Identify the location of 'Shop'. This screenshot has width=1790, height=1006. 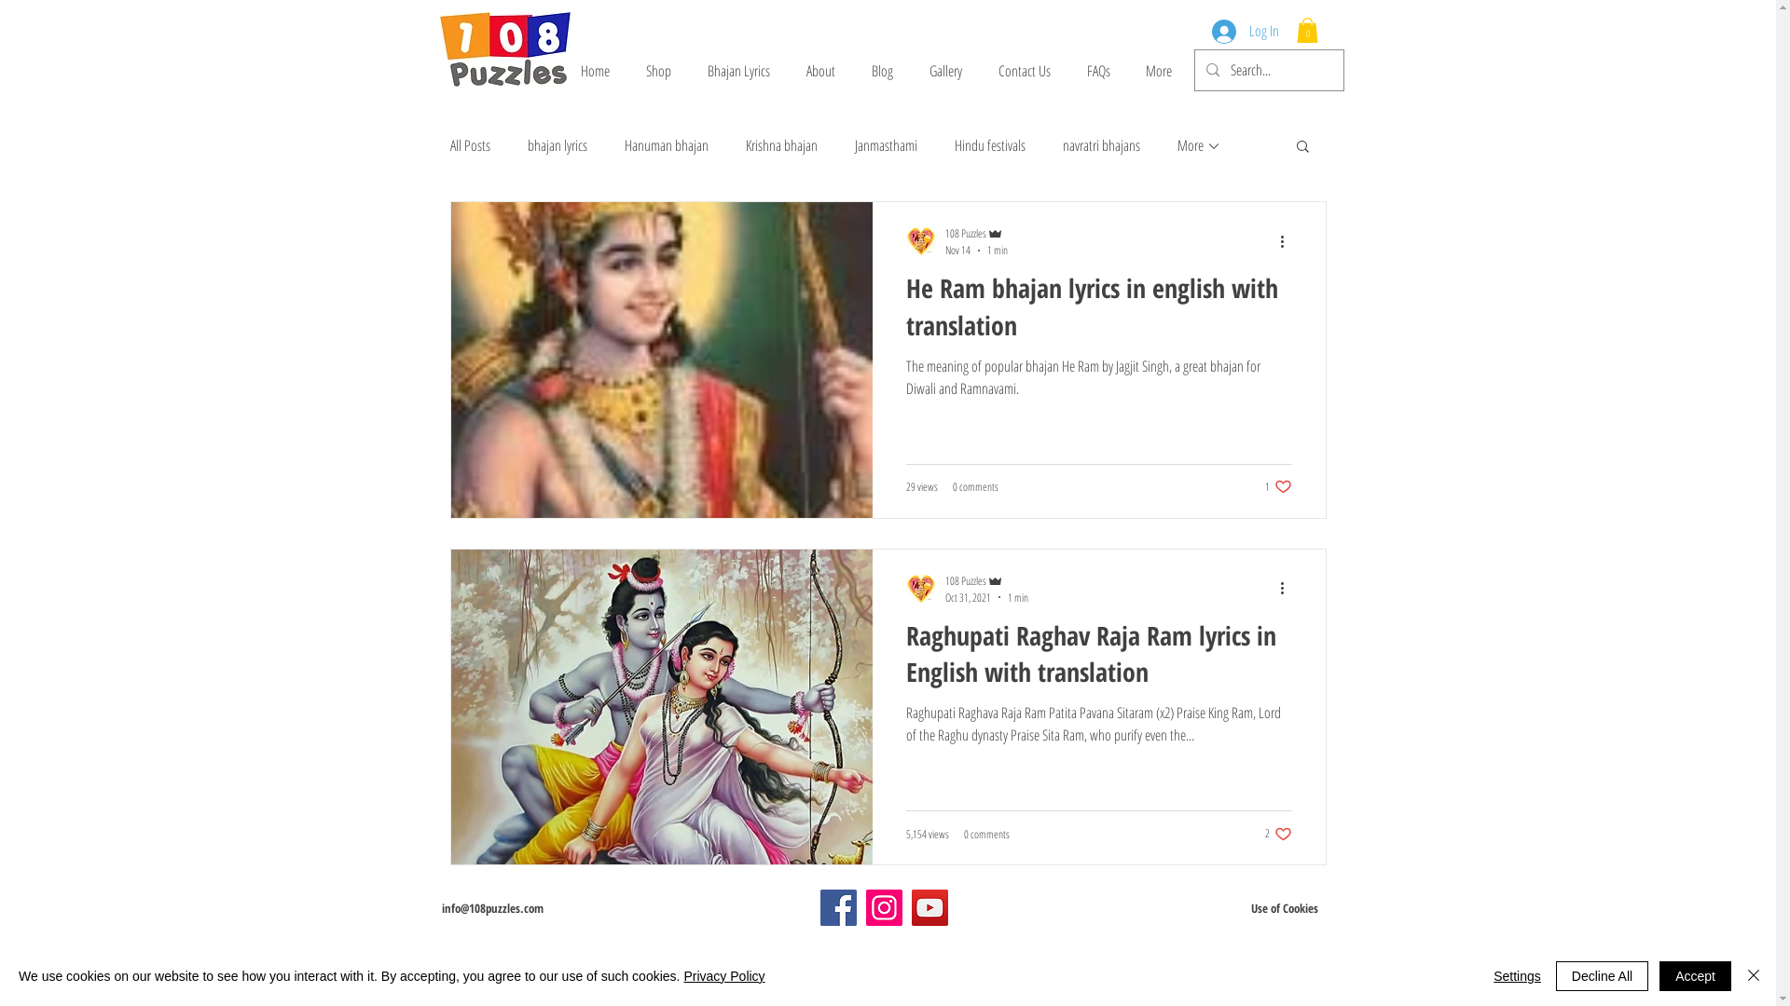
(658, 70).